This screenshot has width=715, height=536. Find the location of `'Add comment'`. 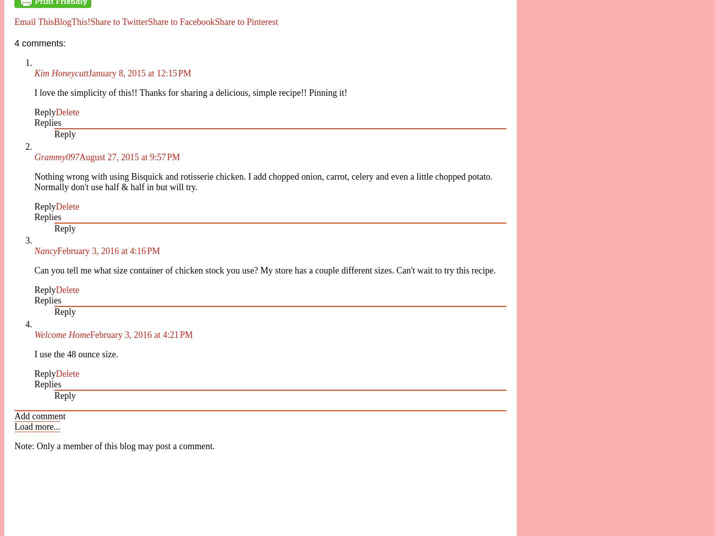

'Add comment' is located at coordinates (39, 416).